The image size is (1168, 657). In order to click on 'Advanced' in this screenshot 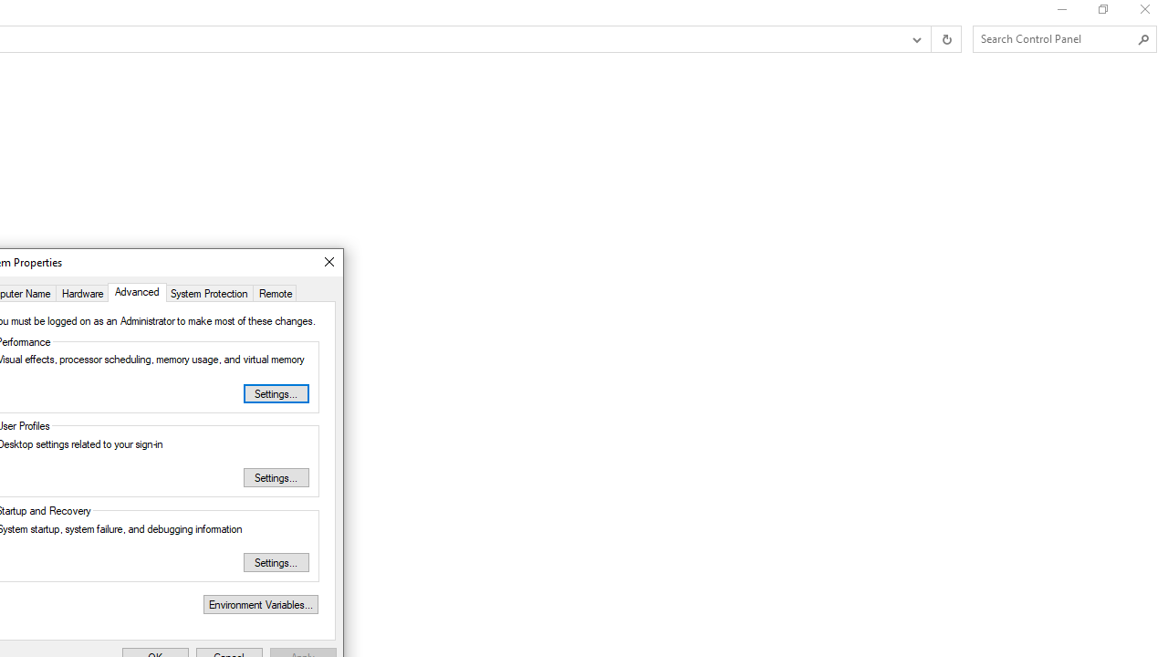, I will do `click(136, 291)`.